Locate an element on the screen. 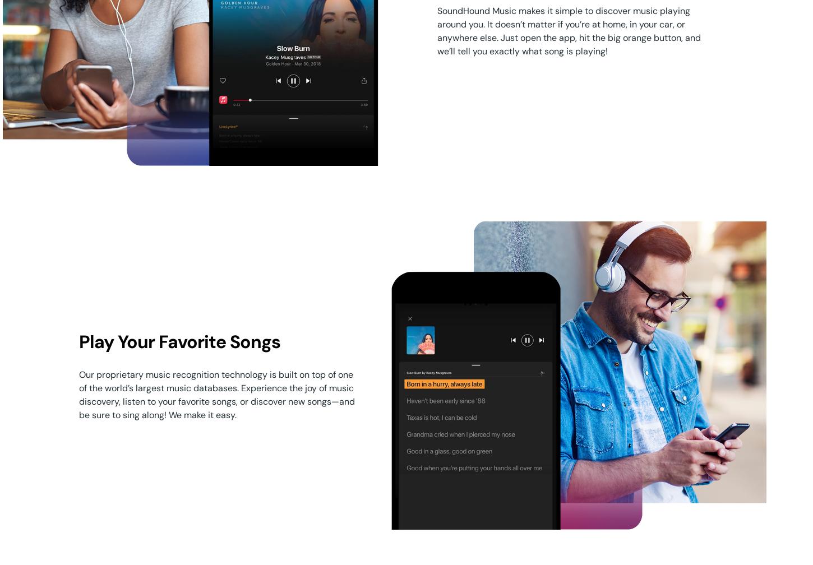 This screenshot has height=565, width=813. 'Language' is located at coordinates (89, 437).